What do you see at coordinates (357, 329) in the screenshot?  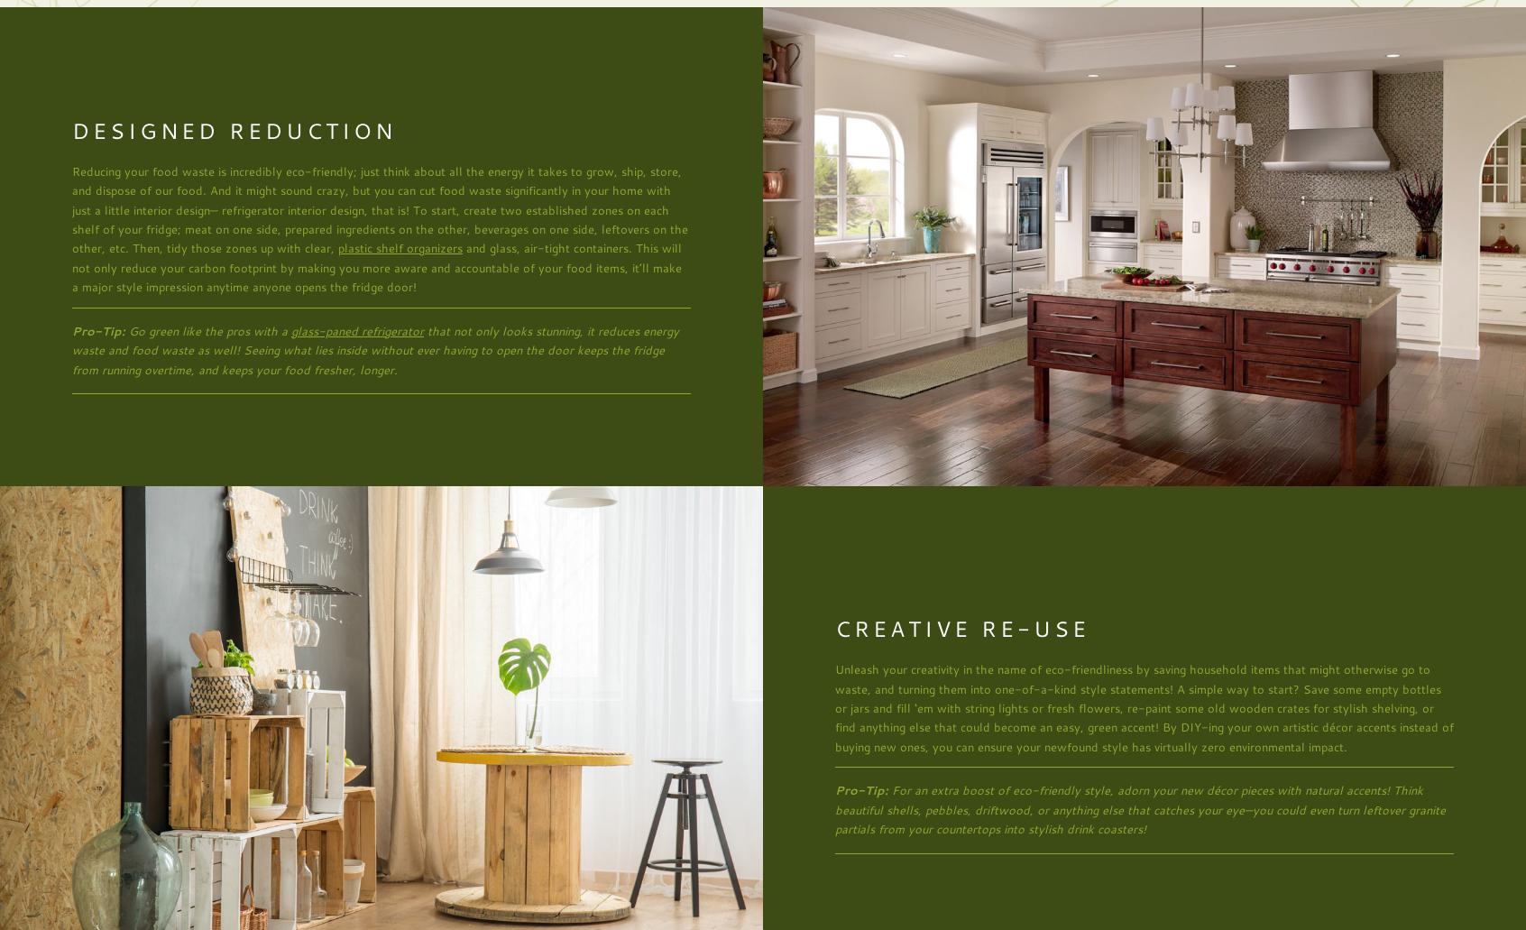 I see `'glass-paned refrigerator'` at bounding box center [357, 329].